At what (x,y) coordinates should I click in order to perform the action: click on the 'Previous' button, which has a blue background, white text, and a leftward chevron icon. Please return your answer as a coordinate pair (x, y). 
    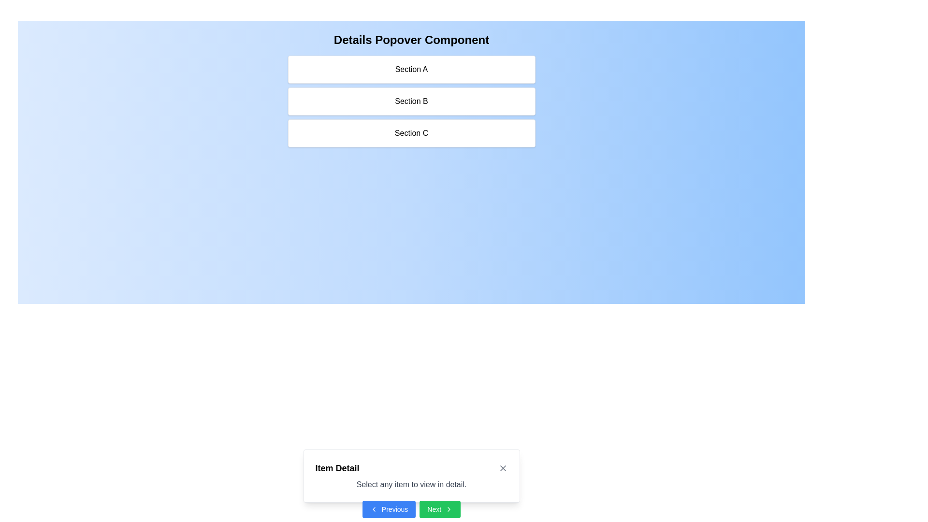
    Looking at the image, I should click on (389, 508).